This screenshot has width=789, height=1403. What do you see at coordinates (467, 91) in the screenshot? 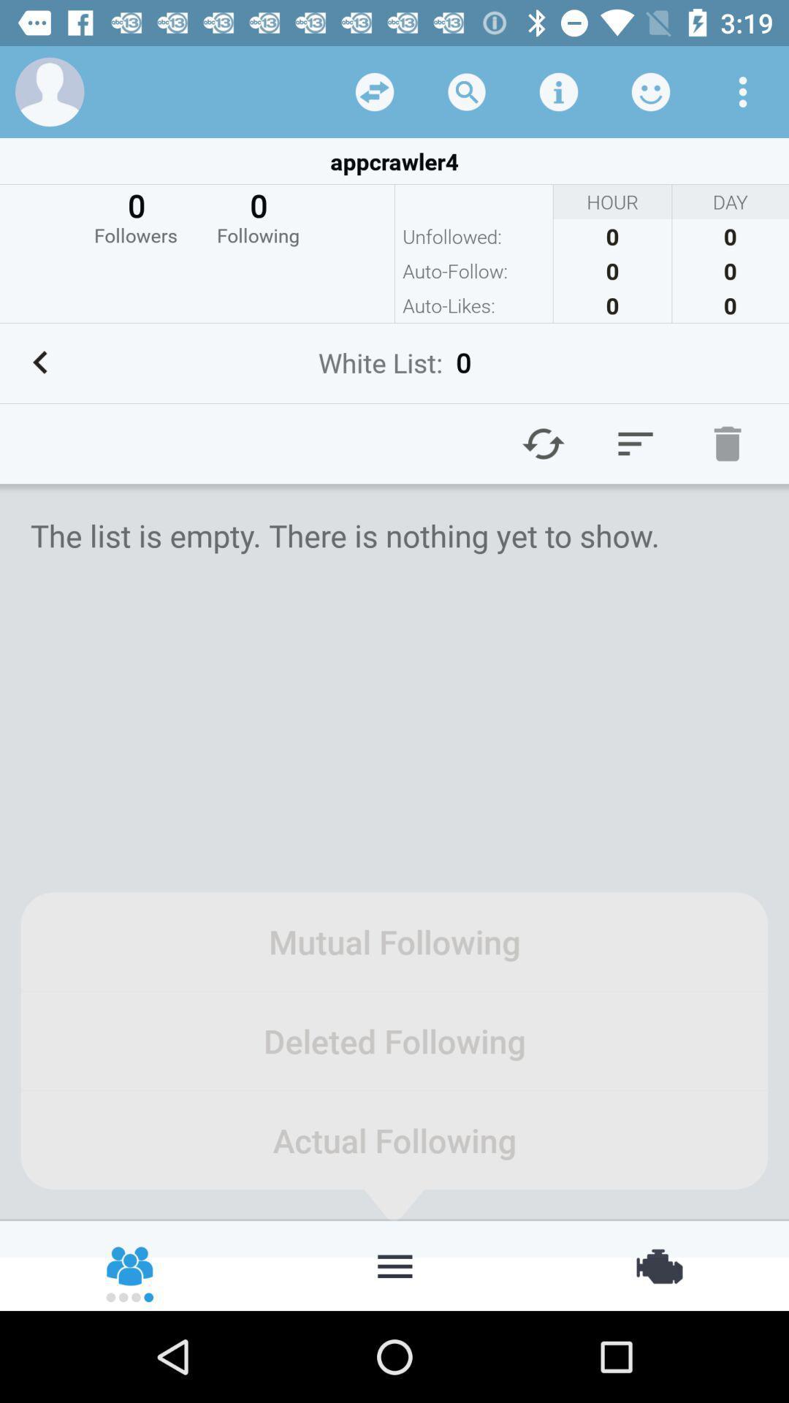
I see `open search` at bounding box center [467, 91].